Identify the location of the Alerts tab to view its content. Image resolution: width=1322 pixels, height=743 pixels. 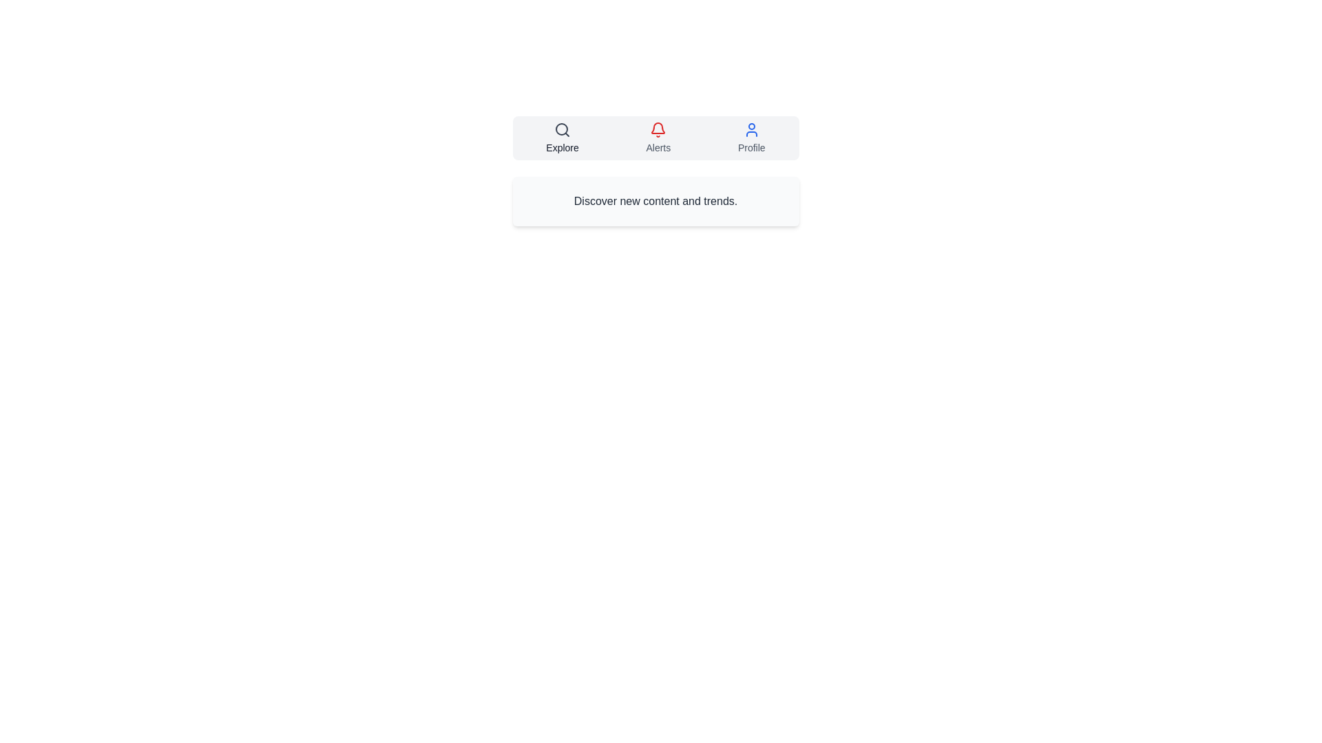
(657, 138).